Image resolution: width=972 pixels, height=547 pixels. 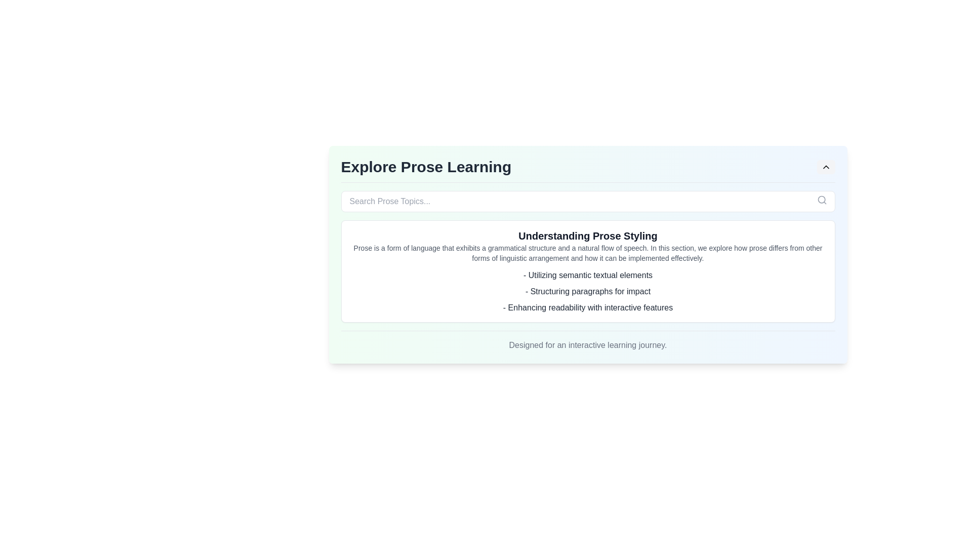 What do you see at coordinates (588, 253) in the screenshot?
I see `the descriptive text block located below the bold title 'Understanding Prose Styling' and above a bulleted list` at bounding box center [588, 253].